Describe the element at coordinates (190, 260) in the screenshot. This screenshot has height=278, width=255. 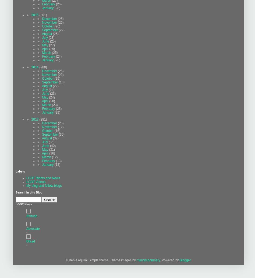
I see `'.'` at that location.